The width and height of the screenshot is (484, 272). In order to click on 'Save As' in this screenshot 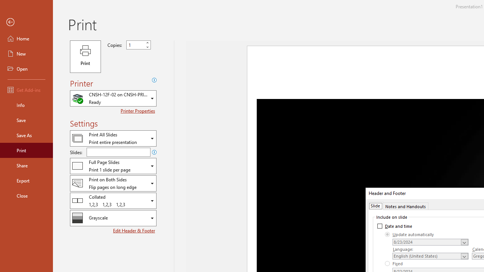, I will do `click(26, 134)`.